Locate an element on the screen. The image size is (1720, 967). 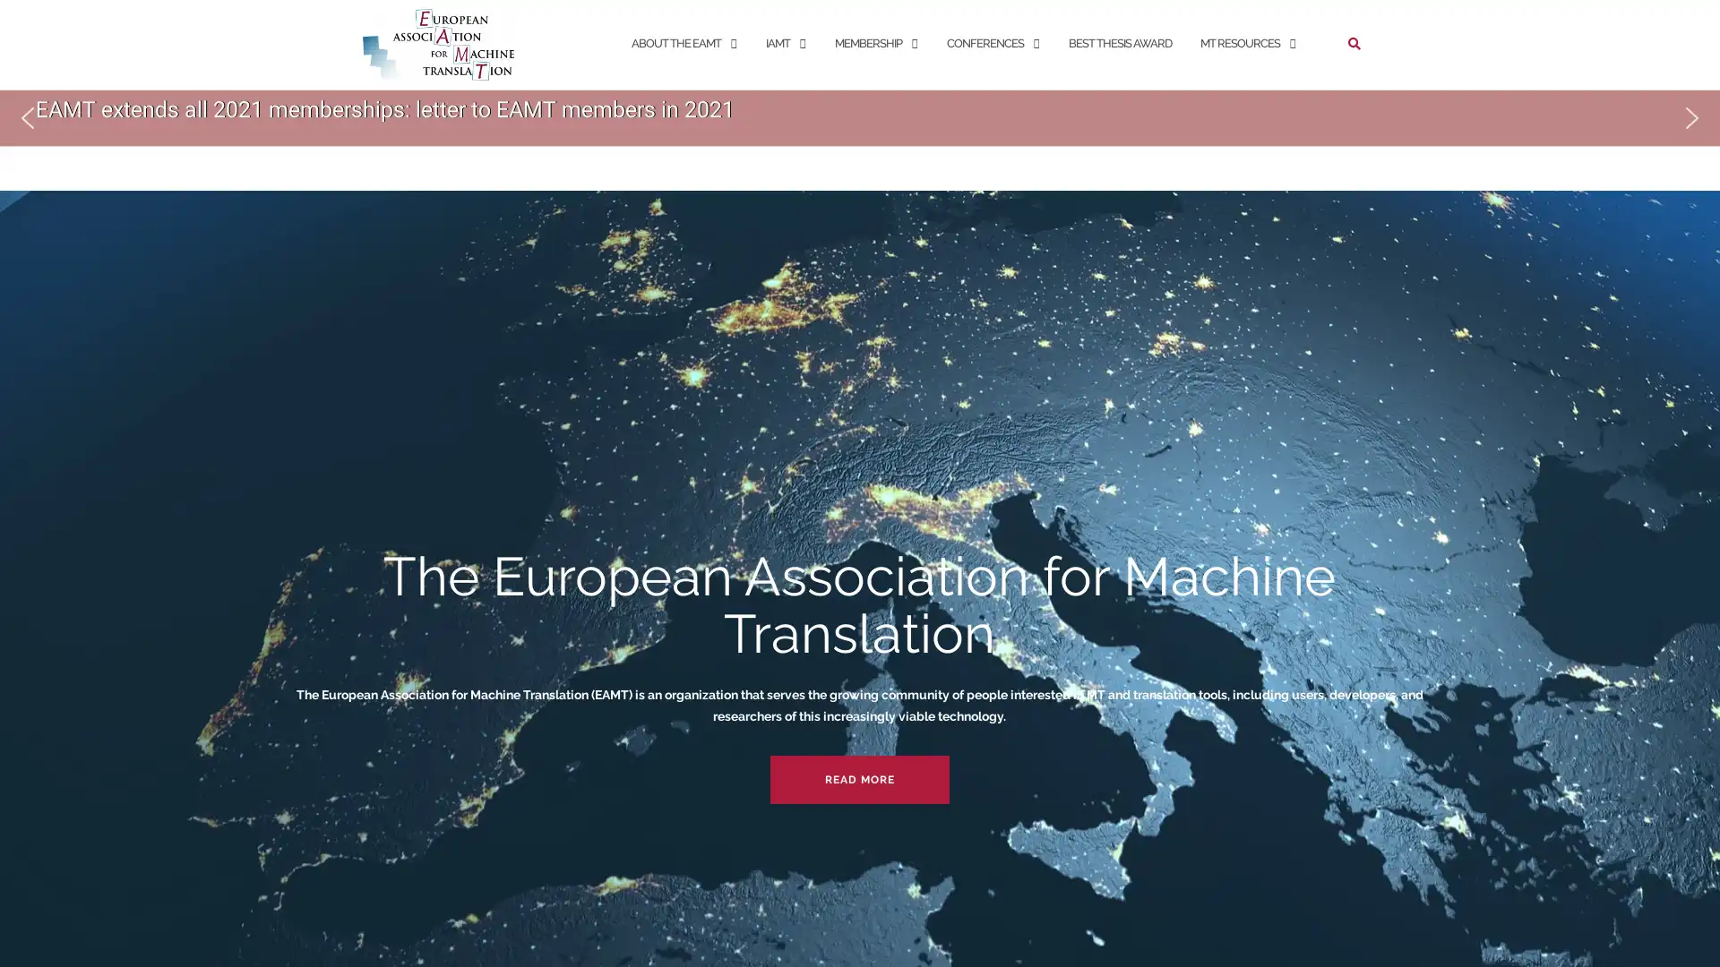
next arrow is located at coordinates (1691, 117).